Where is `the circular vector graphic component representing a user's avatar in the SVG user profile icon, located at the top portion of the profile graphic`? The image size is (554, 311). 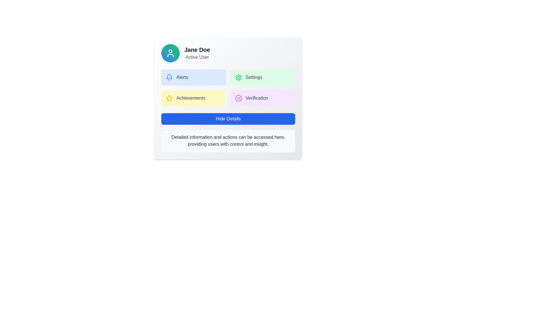 the circular vector graphic component representing a user's avatar in the SVG user profile icon, located at the top portion of the profile graphic is located at coordinates (170, 51).